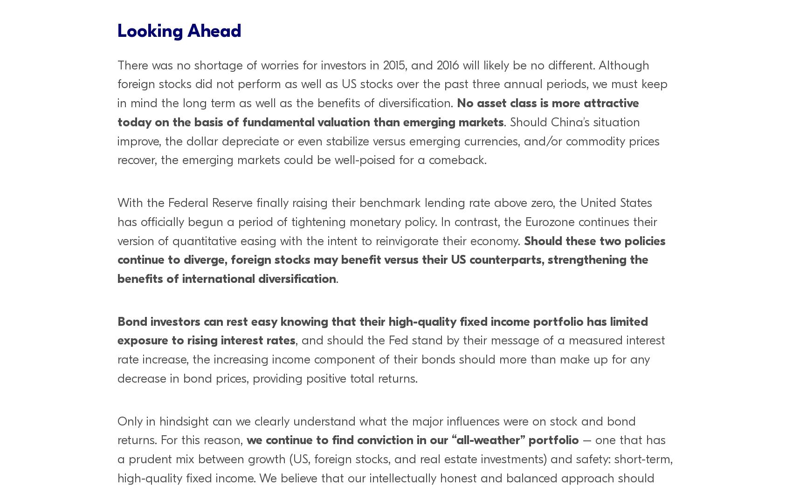  Describe the element at coordinates (391, 260) in the screenshot. I see `'Should these two policies continue to diverge, foreign stocks may benefit versus their US counterparts, strengthening the benefits of international diversification'` at that location.